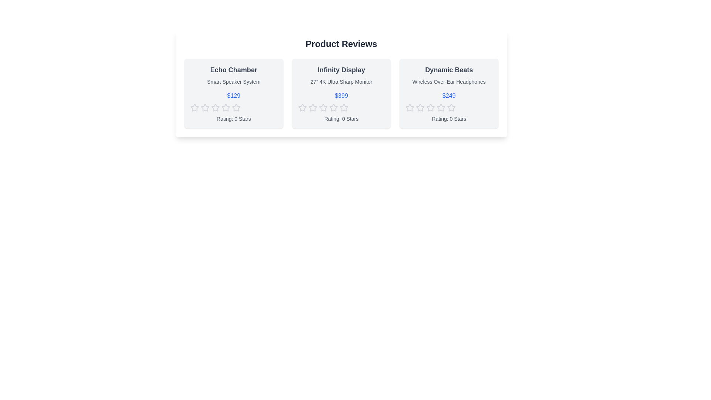 The image size is (711, 400). Describe the element at coordinates (215, 107) in the screenshot. I see `the second star icon in the rating section of the 'Echo Chamber' product card to set a rating of 2 stars` at that location.